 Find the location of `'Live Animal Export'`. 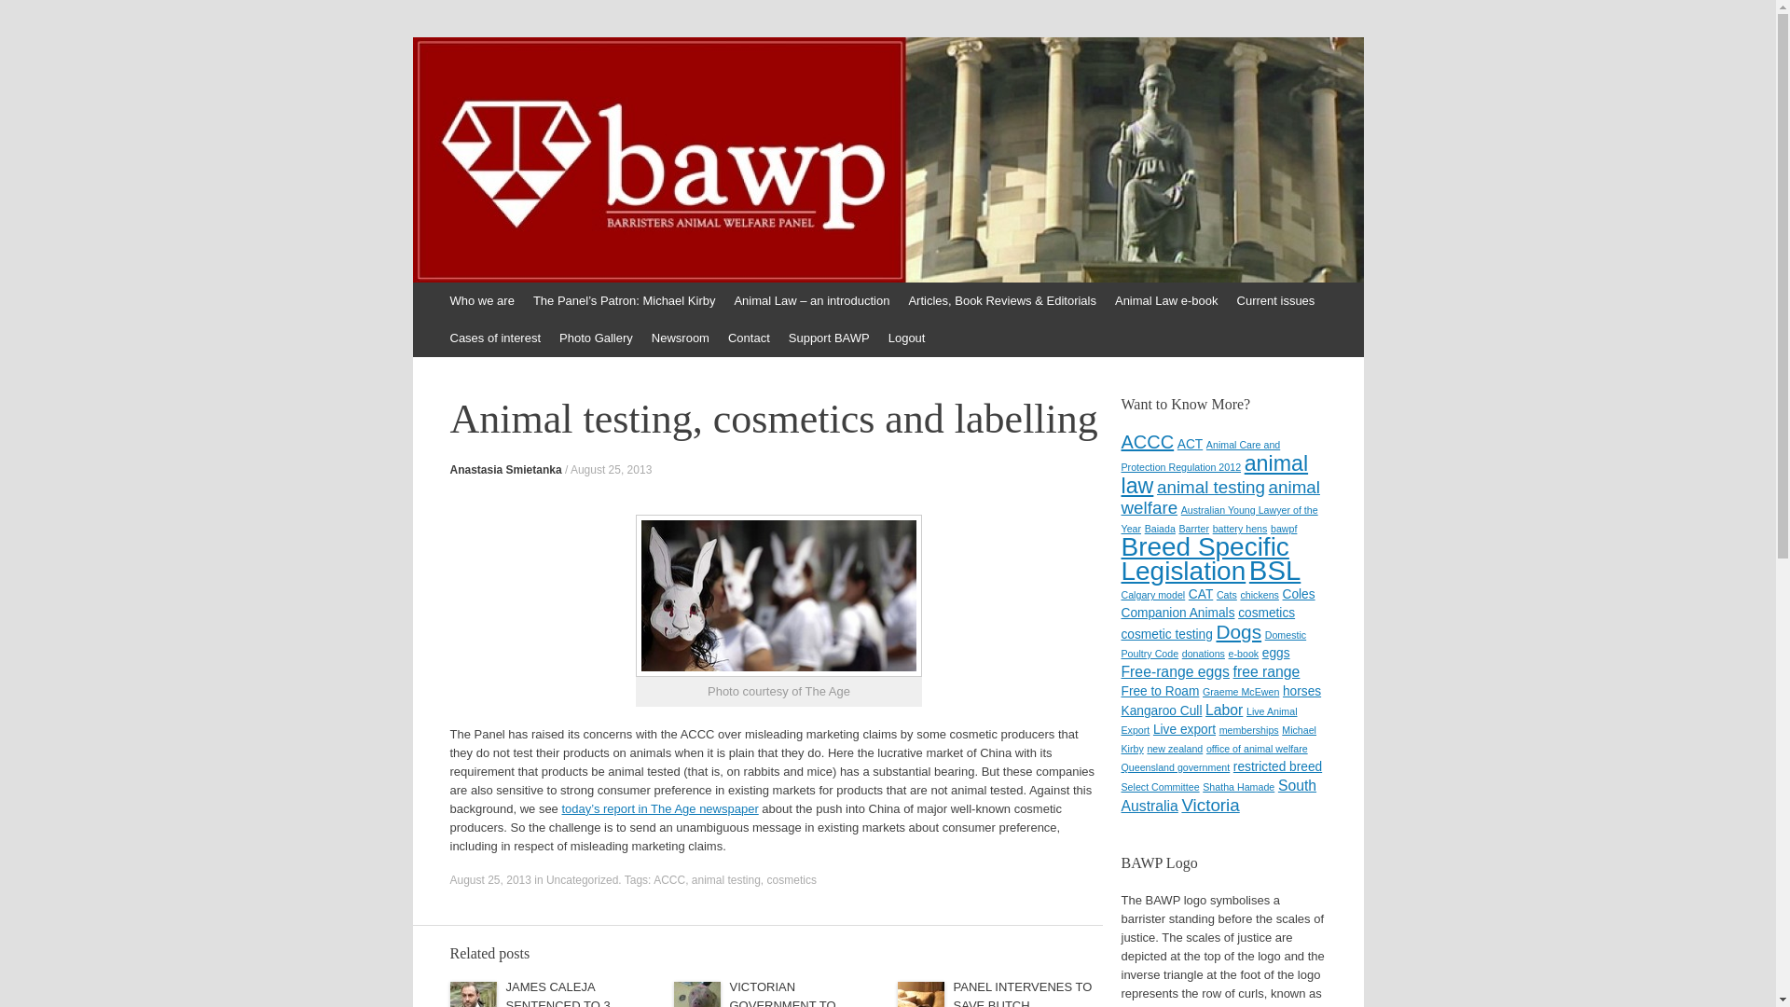

'Live Animal Export' is located at coordinates (1208, 719).